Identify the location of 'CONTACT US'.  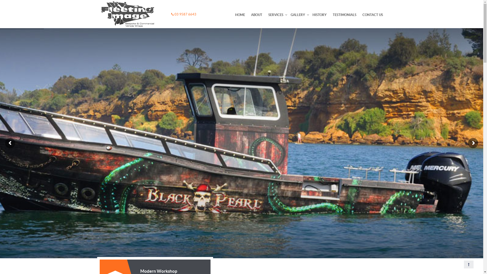
(372, 14).